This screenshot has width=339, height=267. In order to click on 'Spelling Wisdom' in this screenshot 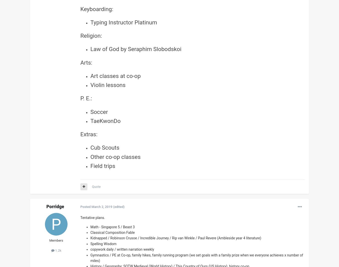, I will do `click(90, 243)`.